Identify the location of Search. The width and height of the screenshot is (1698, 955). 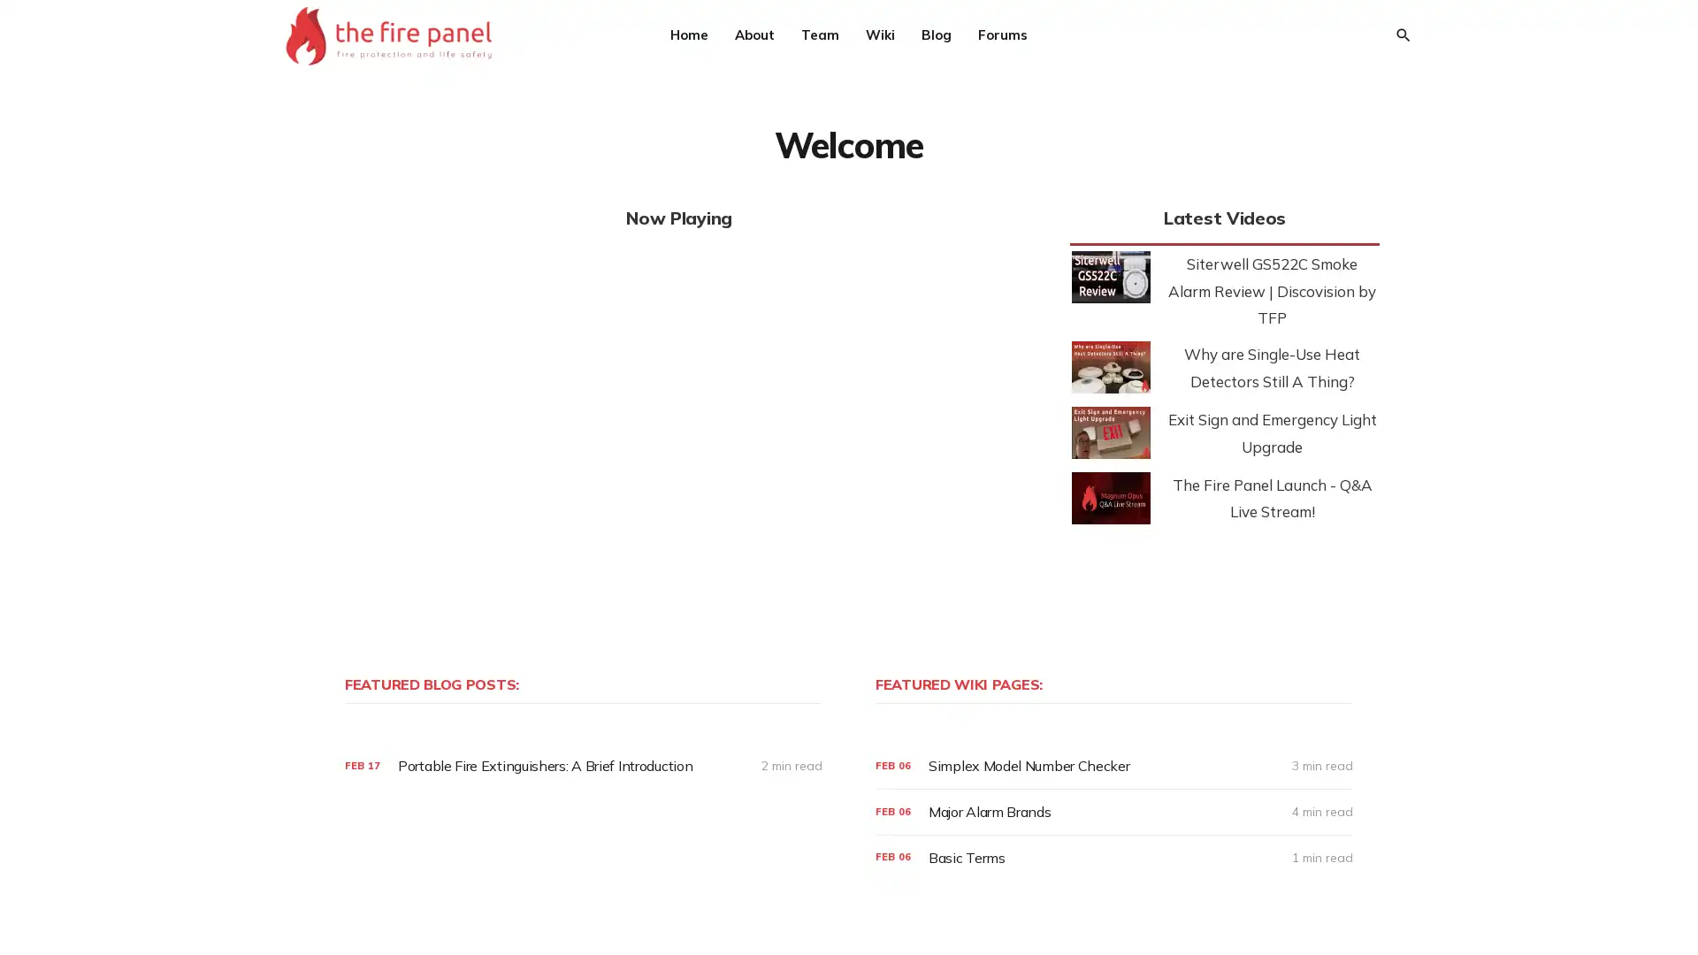
(1401, 34).